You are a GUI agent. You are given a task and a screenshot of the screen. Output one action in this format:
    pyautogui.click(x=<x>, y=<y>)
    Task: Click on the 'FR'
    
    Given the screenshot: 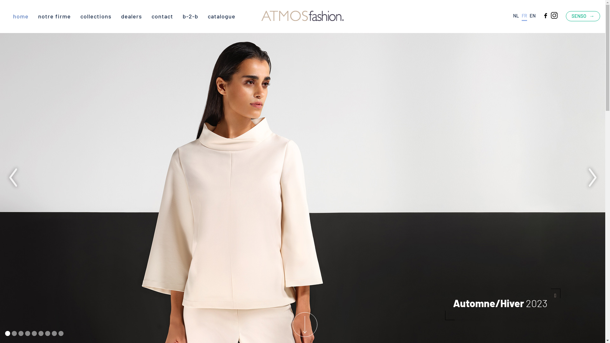 What is the action you would take?
    pyautogui.click(x=524, y=17)
    